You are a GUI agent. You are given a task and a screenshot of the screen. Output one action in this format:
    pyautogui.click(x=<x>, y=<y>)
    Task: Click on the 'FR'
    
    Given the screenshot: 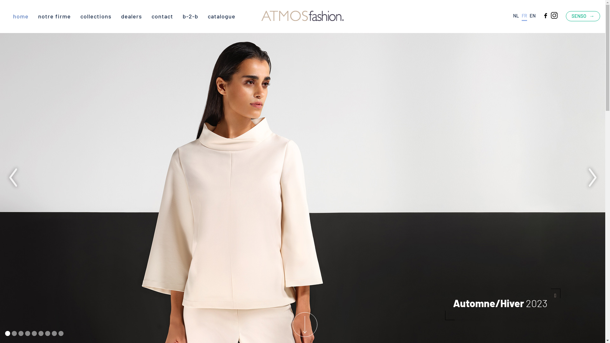 What is the action you would take?
    pyautogui.click(x=524, y=17)
    